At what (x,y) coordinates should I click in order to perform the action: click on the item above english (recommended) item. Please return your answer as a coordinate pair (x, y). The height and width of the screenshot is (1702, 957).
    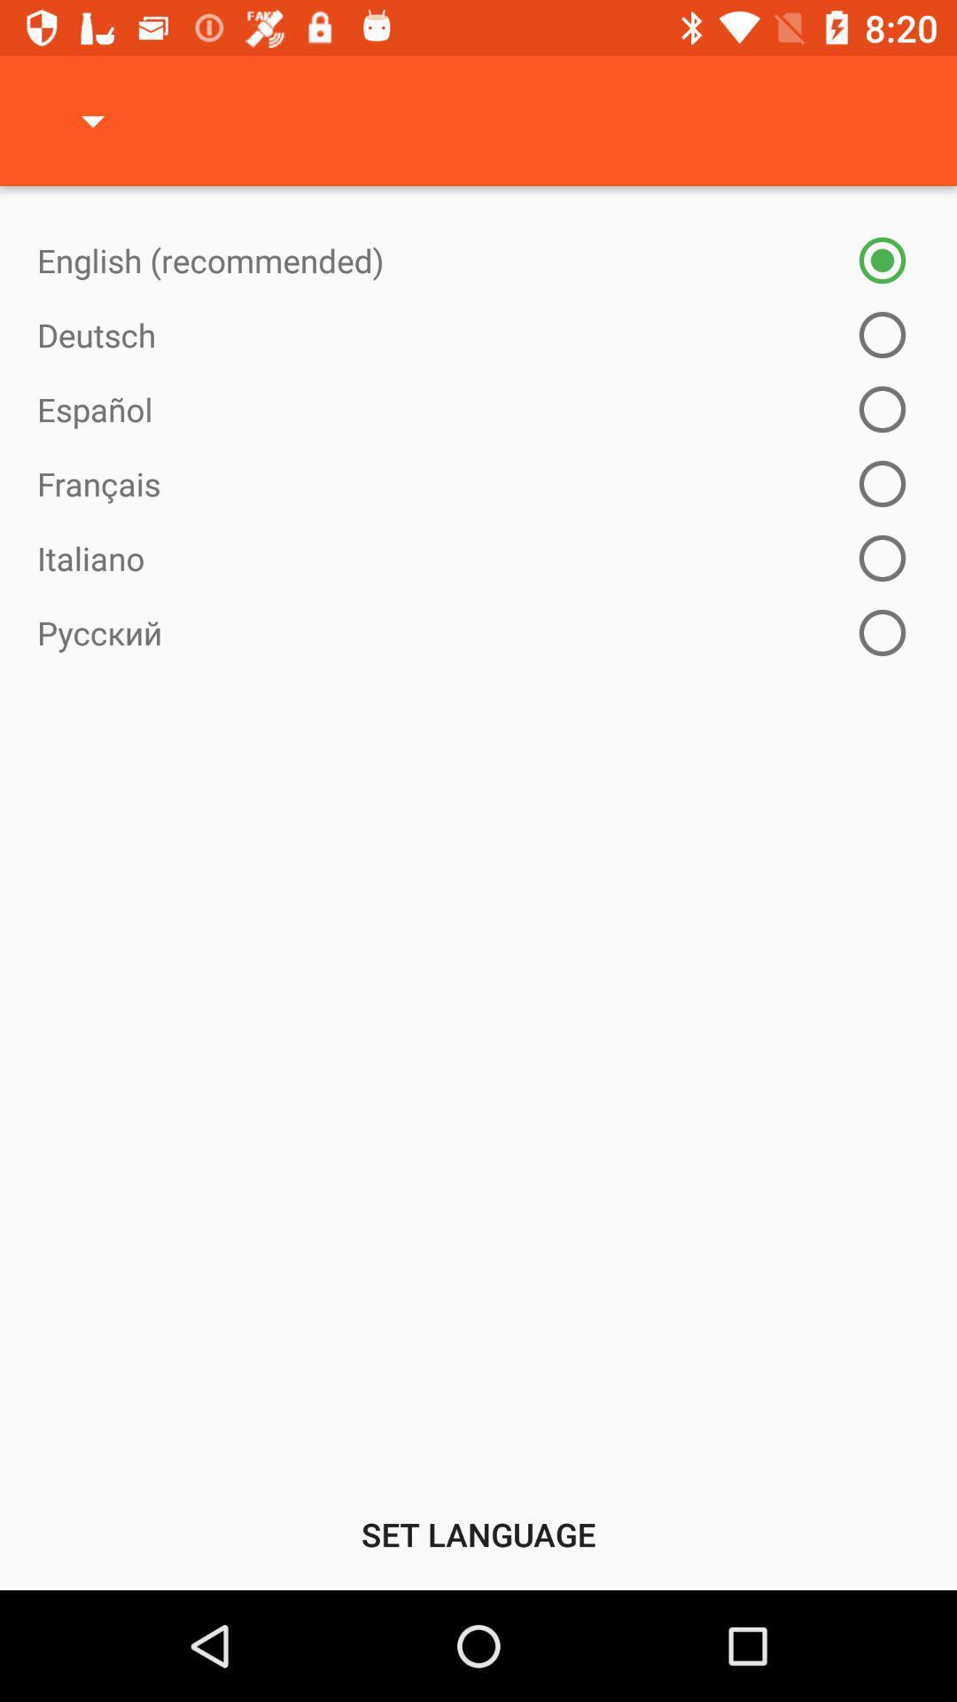
    Looking at the image, I should click on (92, 120).